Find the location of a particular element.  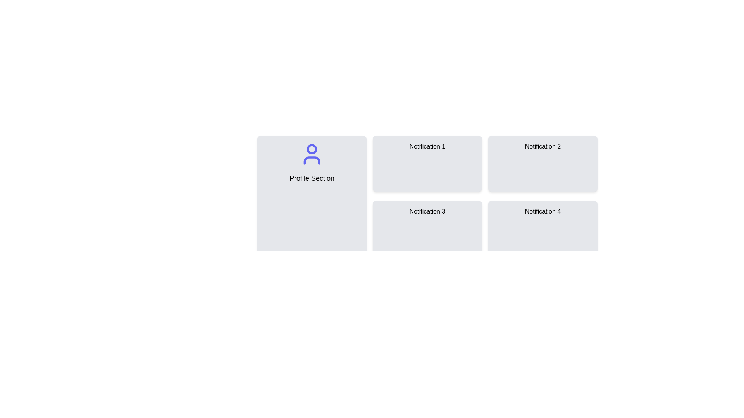

the static information card labeled 'Notification 3', which is the third card in a 2x2 grid layout, located in the bottom-left quadrant is located at coordinates (427, 228).